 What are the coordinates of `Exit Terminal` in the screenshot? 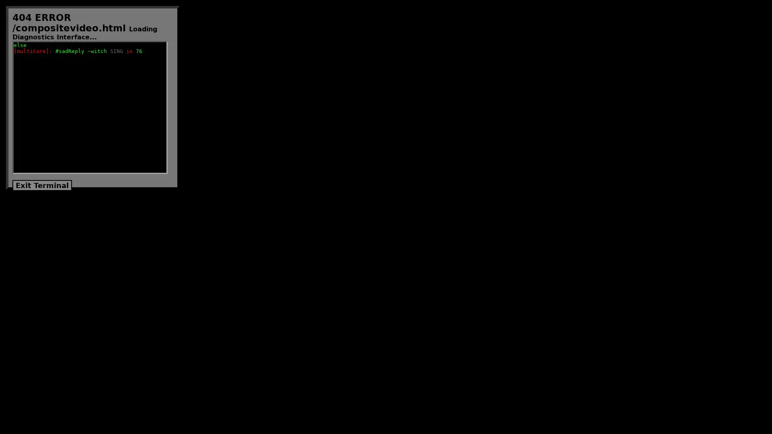 It's located at (42, 185).